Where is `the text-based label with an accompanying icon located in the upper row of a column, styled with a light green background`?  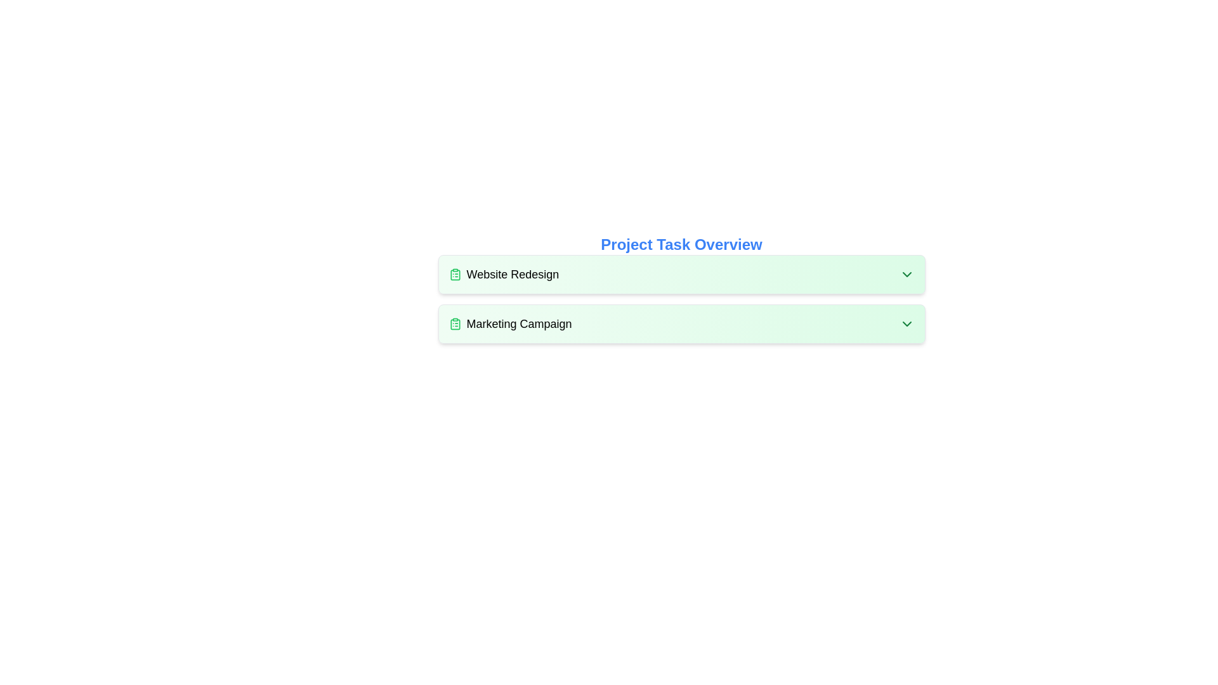 the text-based label with an accompanying icon located in the upper row of a column, styled with a light green background is located at coordinates (503, 273).